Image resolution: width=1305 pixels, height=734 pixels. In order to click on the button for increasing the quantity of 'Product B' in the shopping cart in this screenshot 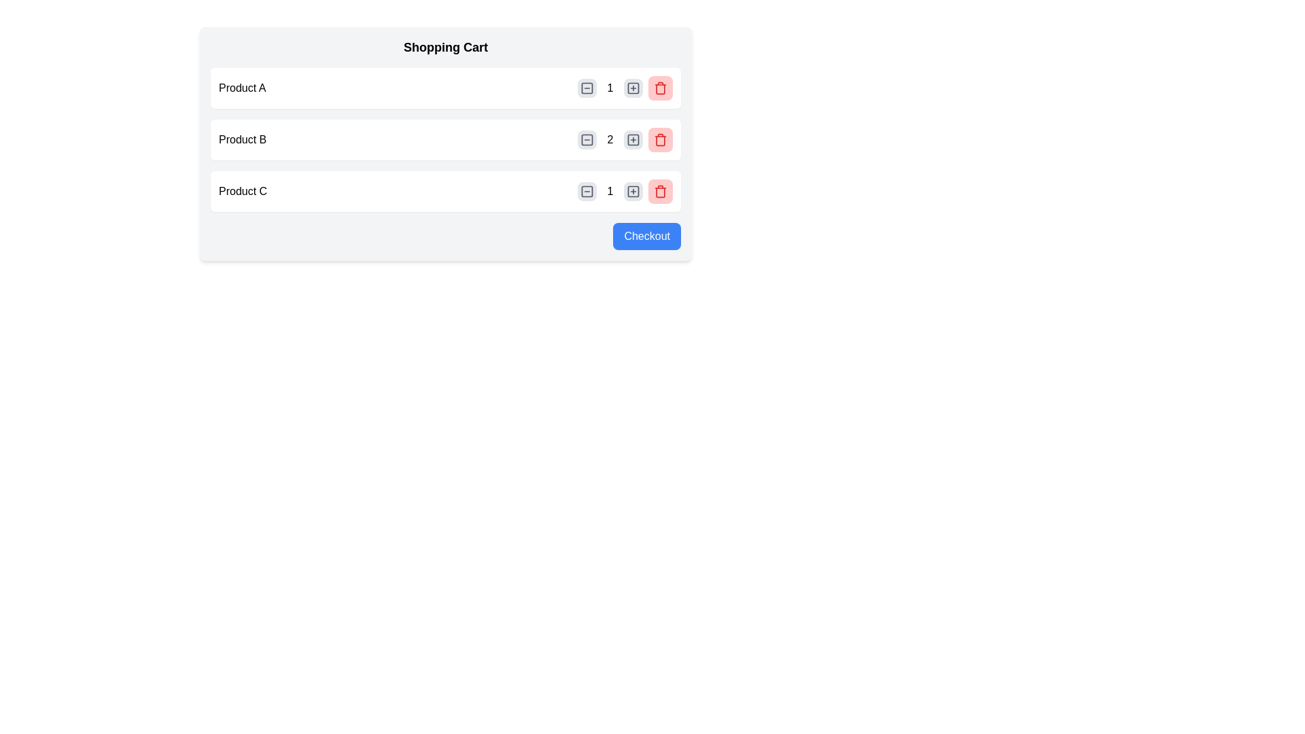, I will do `click(632, 88)`.